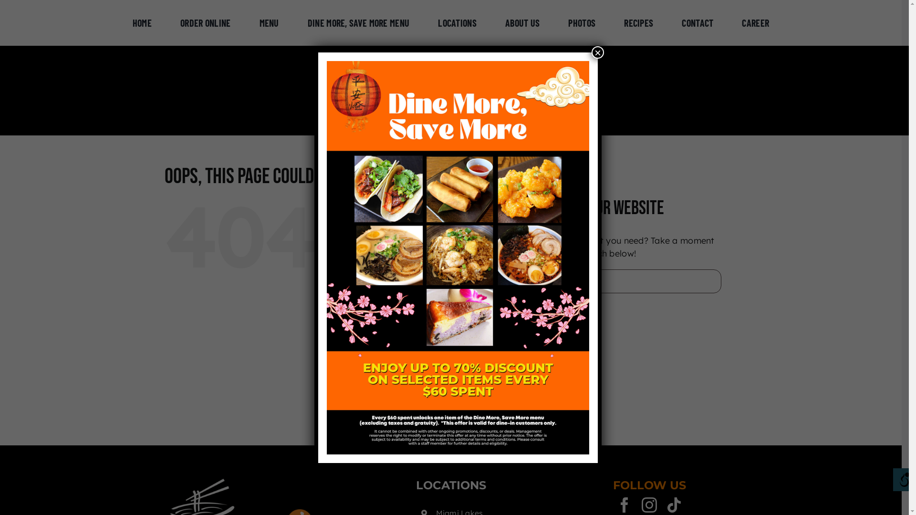  Describe the element at coordinates (521, 22) in the screenshot. I see `'ABOUT US'` at that location.